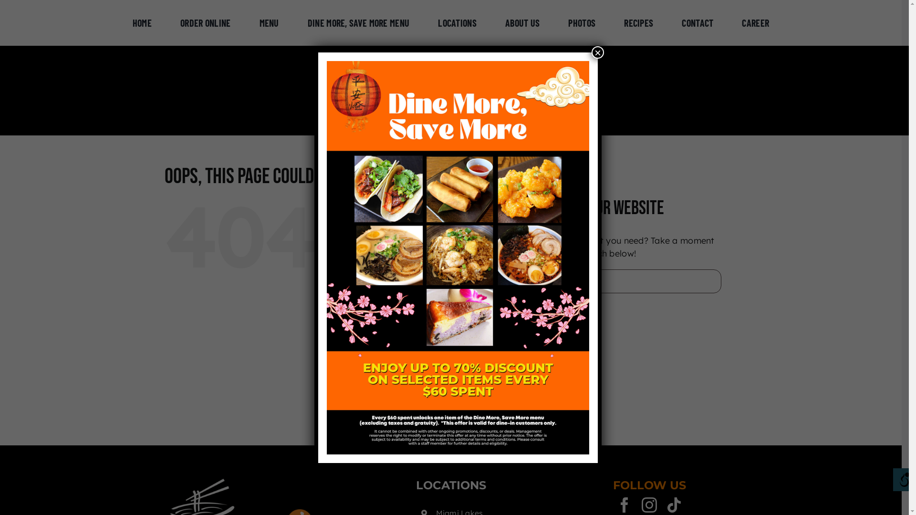  Describe the element at coordinates (521, 22) in the screenshot. I see `'ABOUT US'` at that location.